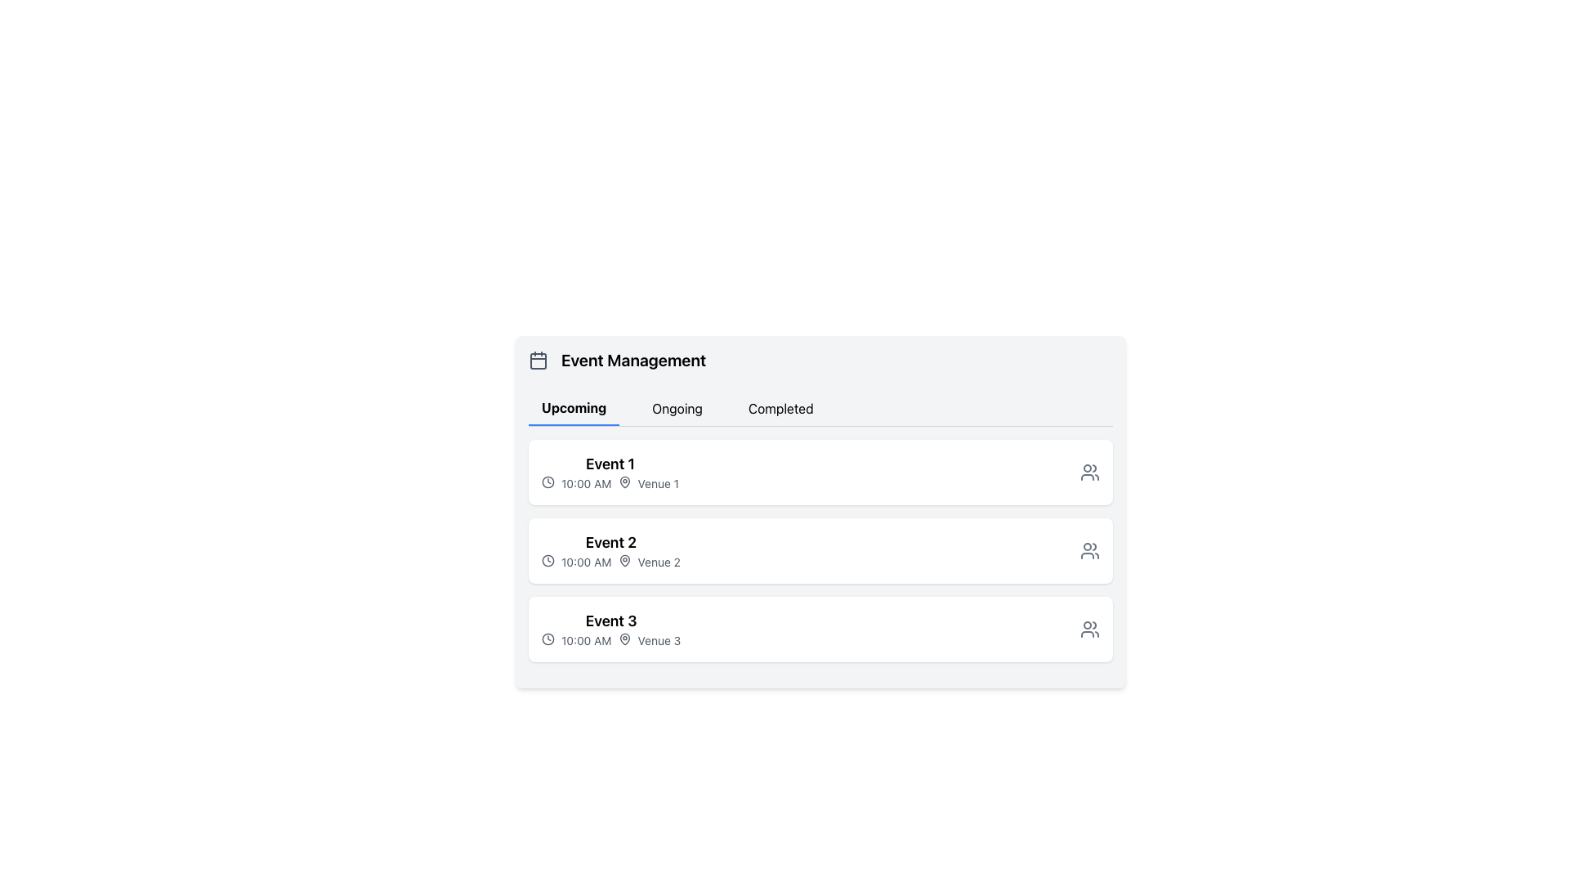 The height and width of the screenshot is (883, 1569). What do you see at coordinates (574, 408) in the screenshot?
I see `the first tab in the navigation bar` at bounding box center [574, 408].